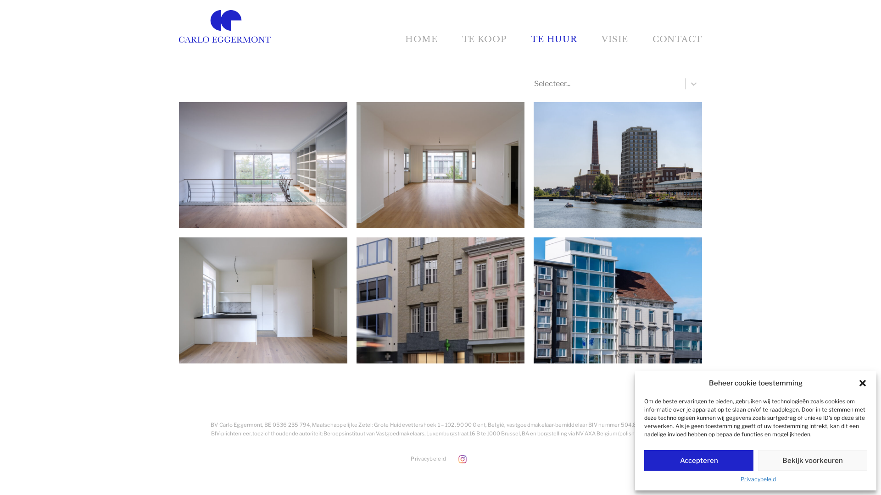  Describe the element at coordinates (614, 38) in the screenshot. I see `'VISIE'` at that location.